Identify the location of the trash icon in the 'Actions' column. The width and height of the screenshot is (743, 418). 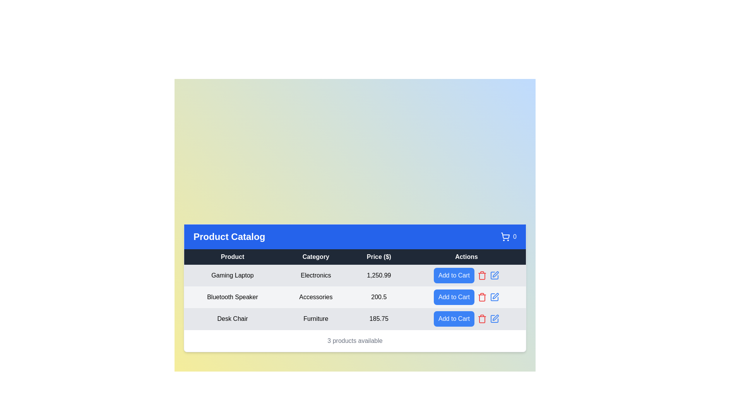
(481, 275).